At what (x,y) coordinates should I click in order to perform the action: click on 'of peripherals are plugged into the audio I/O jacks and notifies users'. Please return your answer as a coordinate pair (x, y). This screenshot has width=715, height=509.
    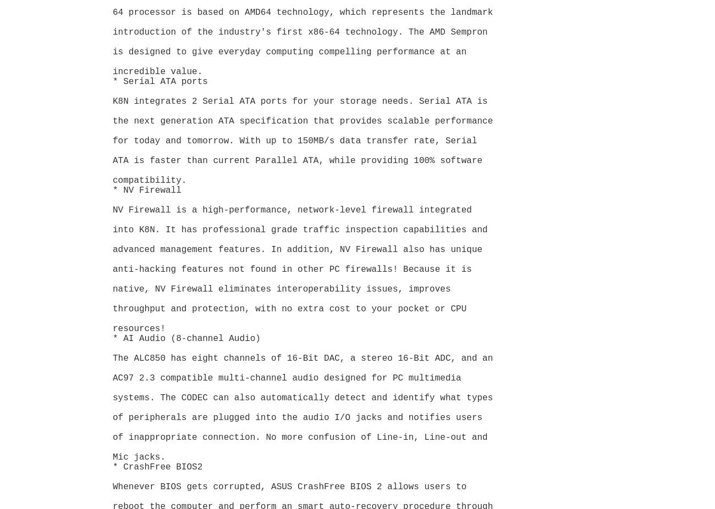
    Looking at the image, I should click on (299, 417).